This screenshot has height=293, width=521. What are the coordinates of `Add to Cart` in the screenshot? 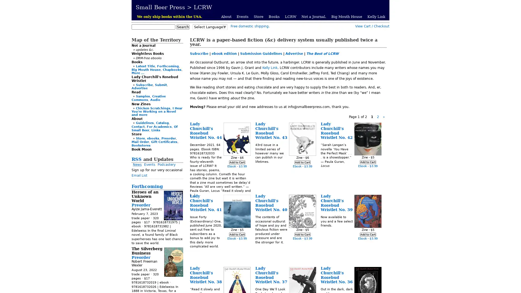 It's located at (237, 162).